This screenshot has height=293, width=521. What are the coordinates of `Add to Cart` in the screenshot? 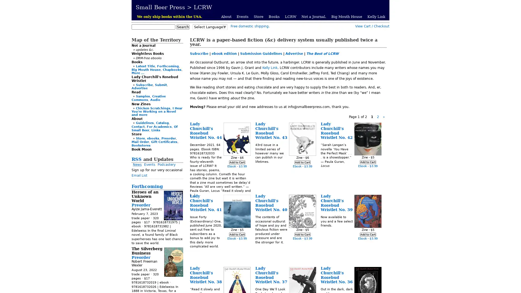 It's located at (237, 162).